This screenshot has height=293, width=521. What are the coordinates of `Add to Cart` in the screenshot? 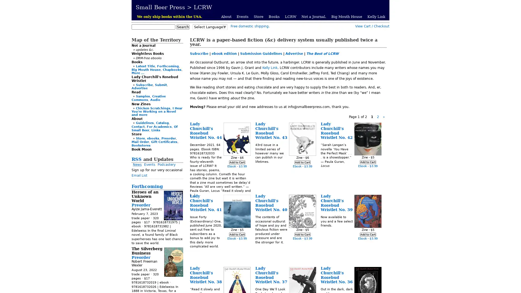 It's located at (237, 162).